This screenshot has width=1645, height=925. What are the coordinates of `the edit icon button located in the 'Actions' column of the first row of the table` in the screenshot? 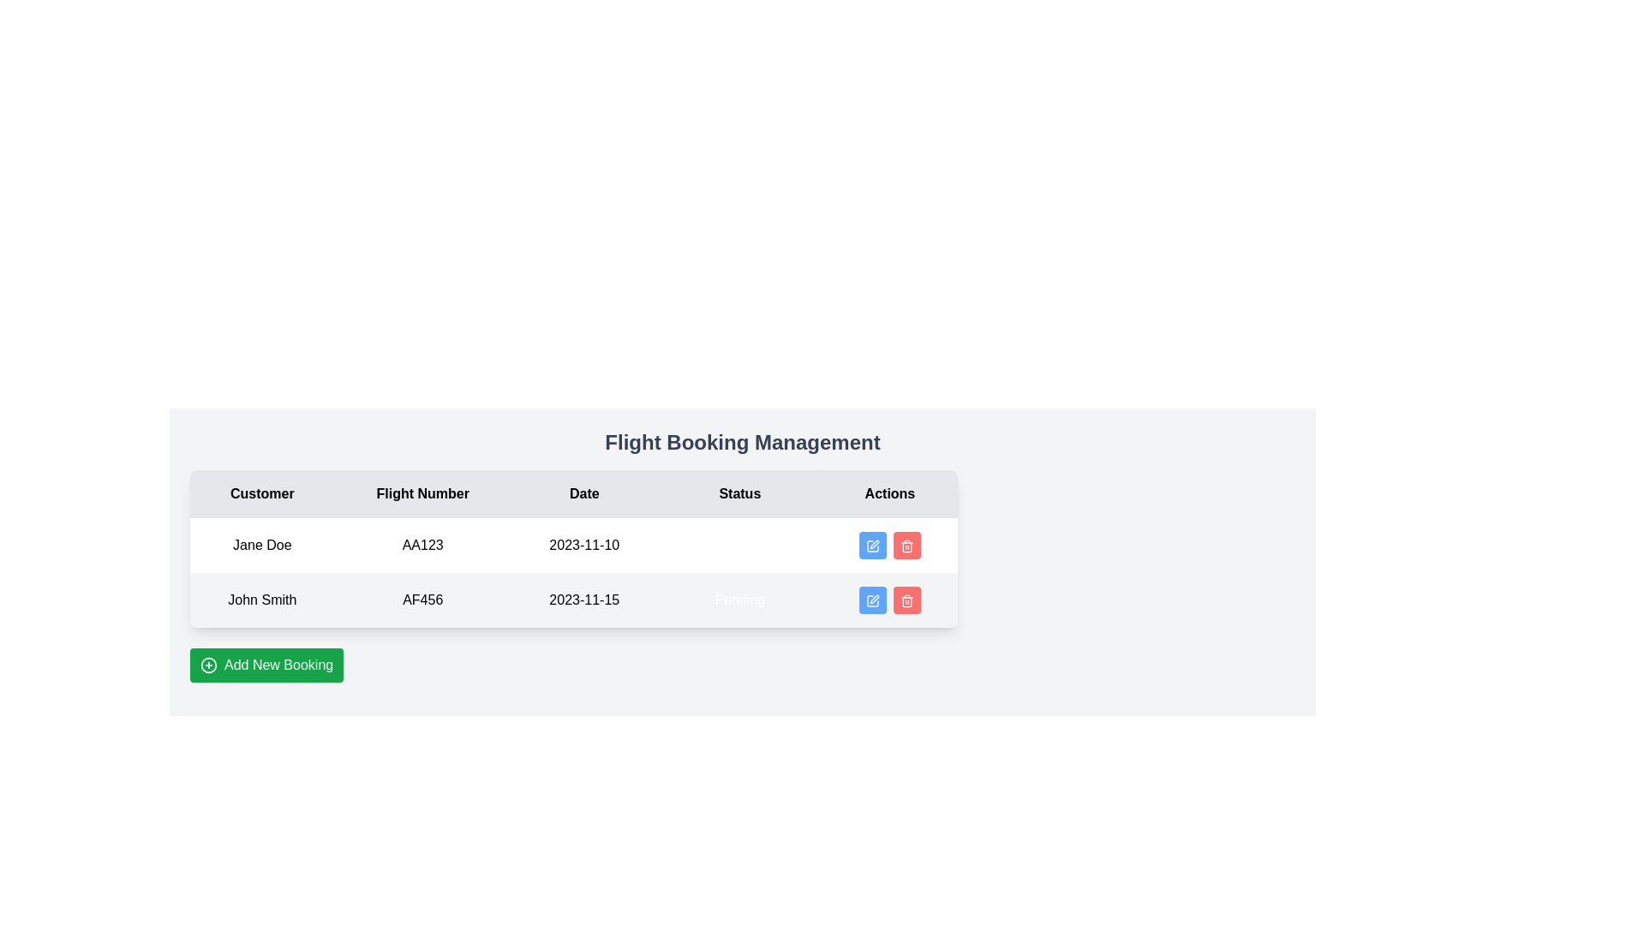 It's located at (872, 546).